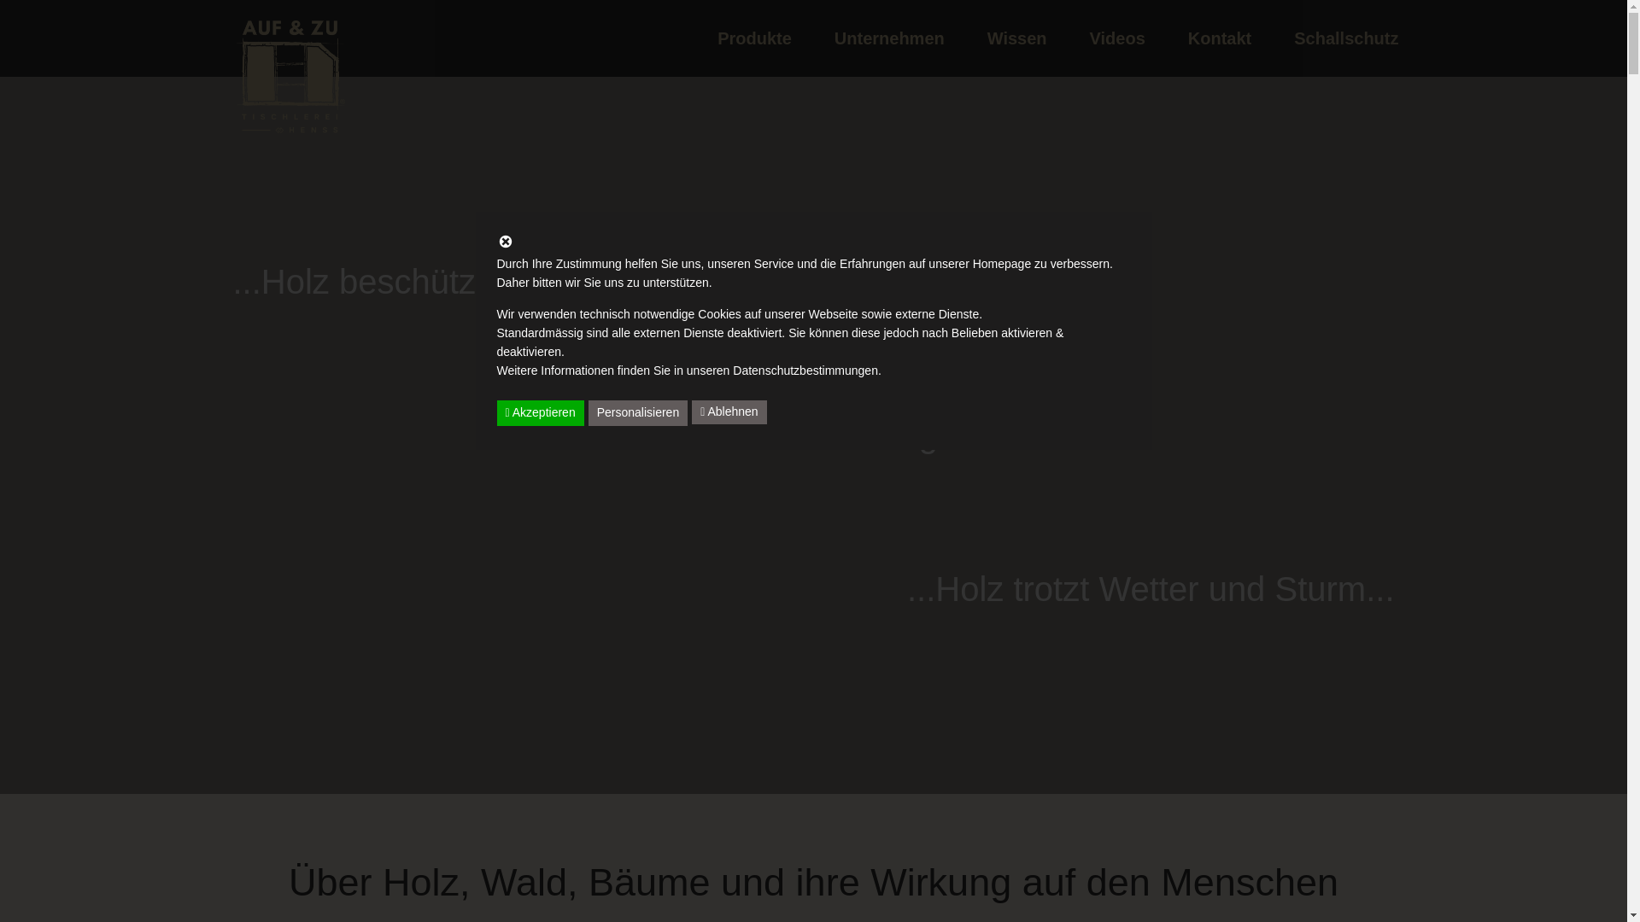 This screenshot has height=922, width=1640. I want to click on 'Wissen', so click(1016, 38).